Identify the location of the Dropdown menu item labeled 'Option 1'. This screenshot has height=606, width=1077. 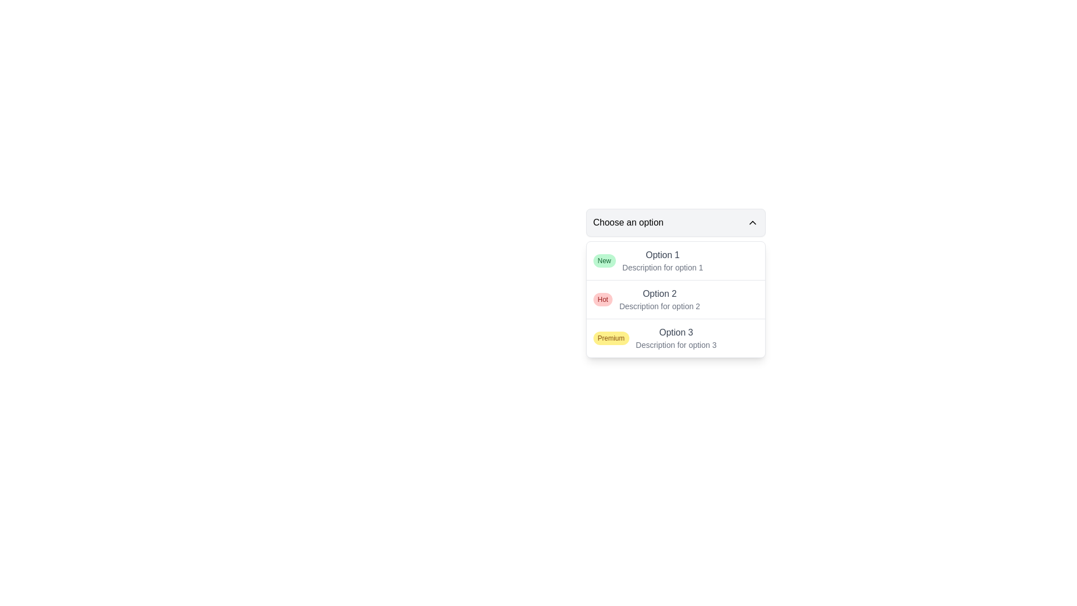
(662, 261).